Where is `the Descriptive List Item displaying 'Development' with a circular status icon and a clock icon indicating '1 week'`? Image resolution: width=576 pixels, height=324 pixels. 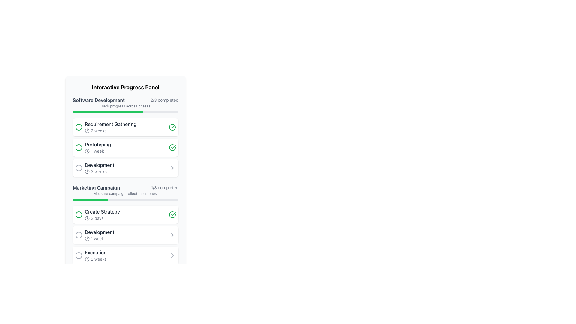 the Descriptive List Item displaying 'Development' with a circular status icon and a clock icon indicating '1 week' is located at coordinates (94, 235).